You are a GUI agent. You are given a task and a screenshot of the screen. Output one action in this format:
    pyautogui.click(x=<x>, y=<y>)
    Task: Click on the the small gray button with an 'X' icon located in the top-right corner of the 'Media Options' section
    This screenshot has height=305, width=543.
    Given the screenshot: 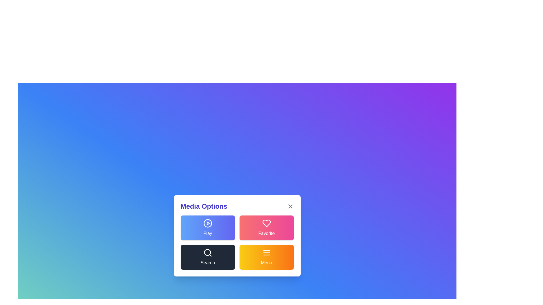 What is the action you would take?
    pyautogui.click(x=290, y=206)
    